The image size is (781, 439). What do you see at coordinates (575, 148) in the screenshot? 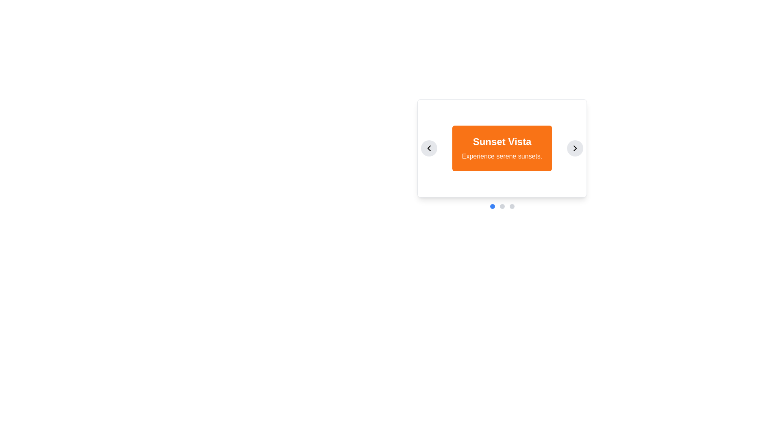
I see `the right-oriented chevron icon within the circular button on the card layout` at bounding box center [575, 148].